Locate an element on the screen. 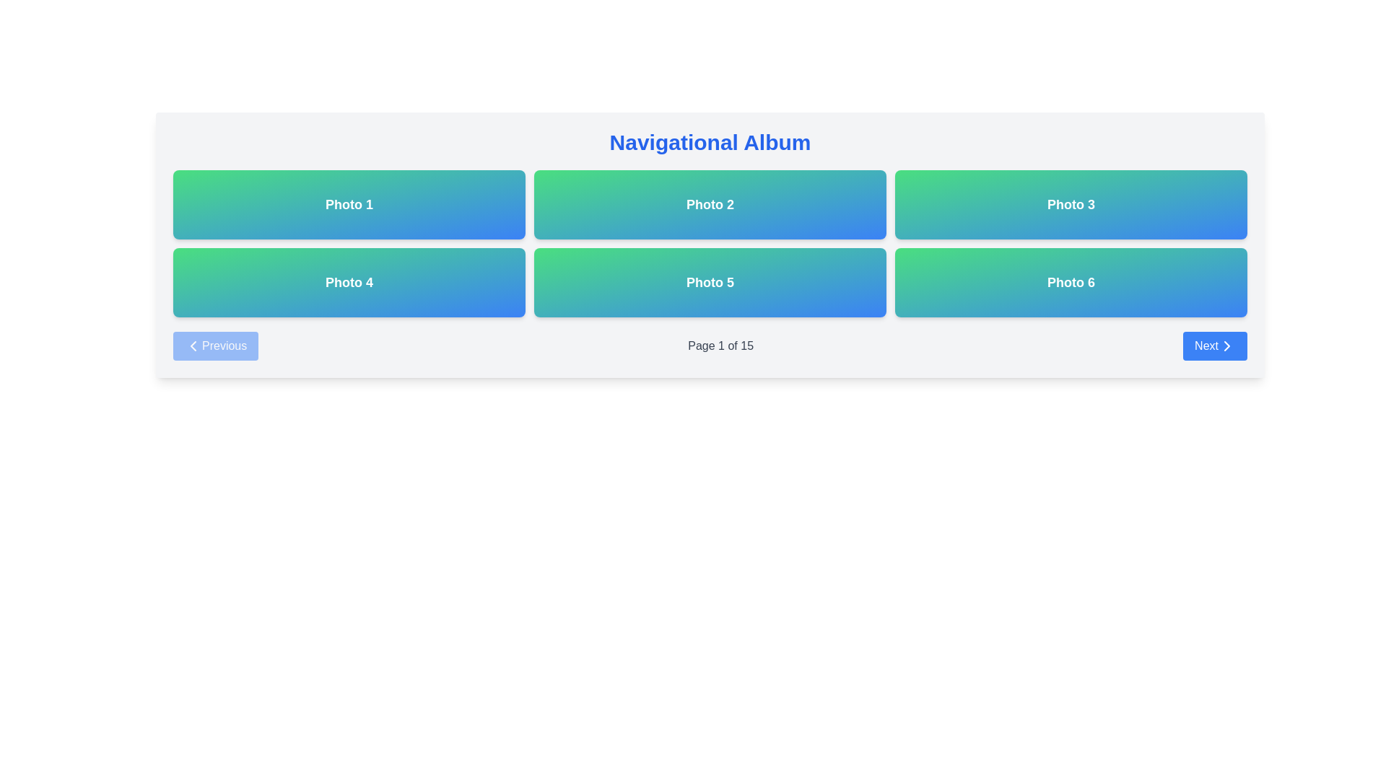 This screenshot has width=1386, height=779. the 'Next' button, which is a rectangular button labeled 'Next' with white text on a blue background, located on the far right side of the navigation bar below the photo grid is located at coordinates (1214, 346).